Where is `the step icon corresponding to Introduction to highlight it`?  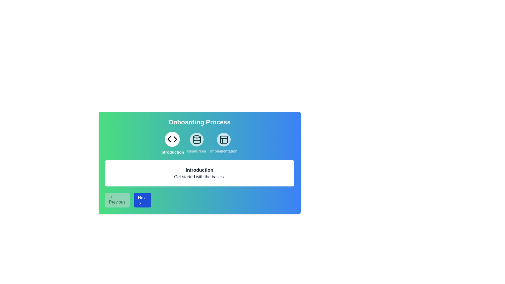 the step icon corresponding to Introduction to highlight it is located at coordinates (172, 143).